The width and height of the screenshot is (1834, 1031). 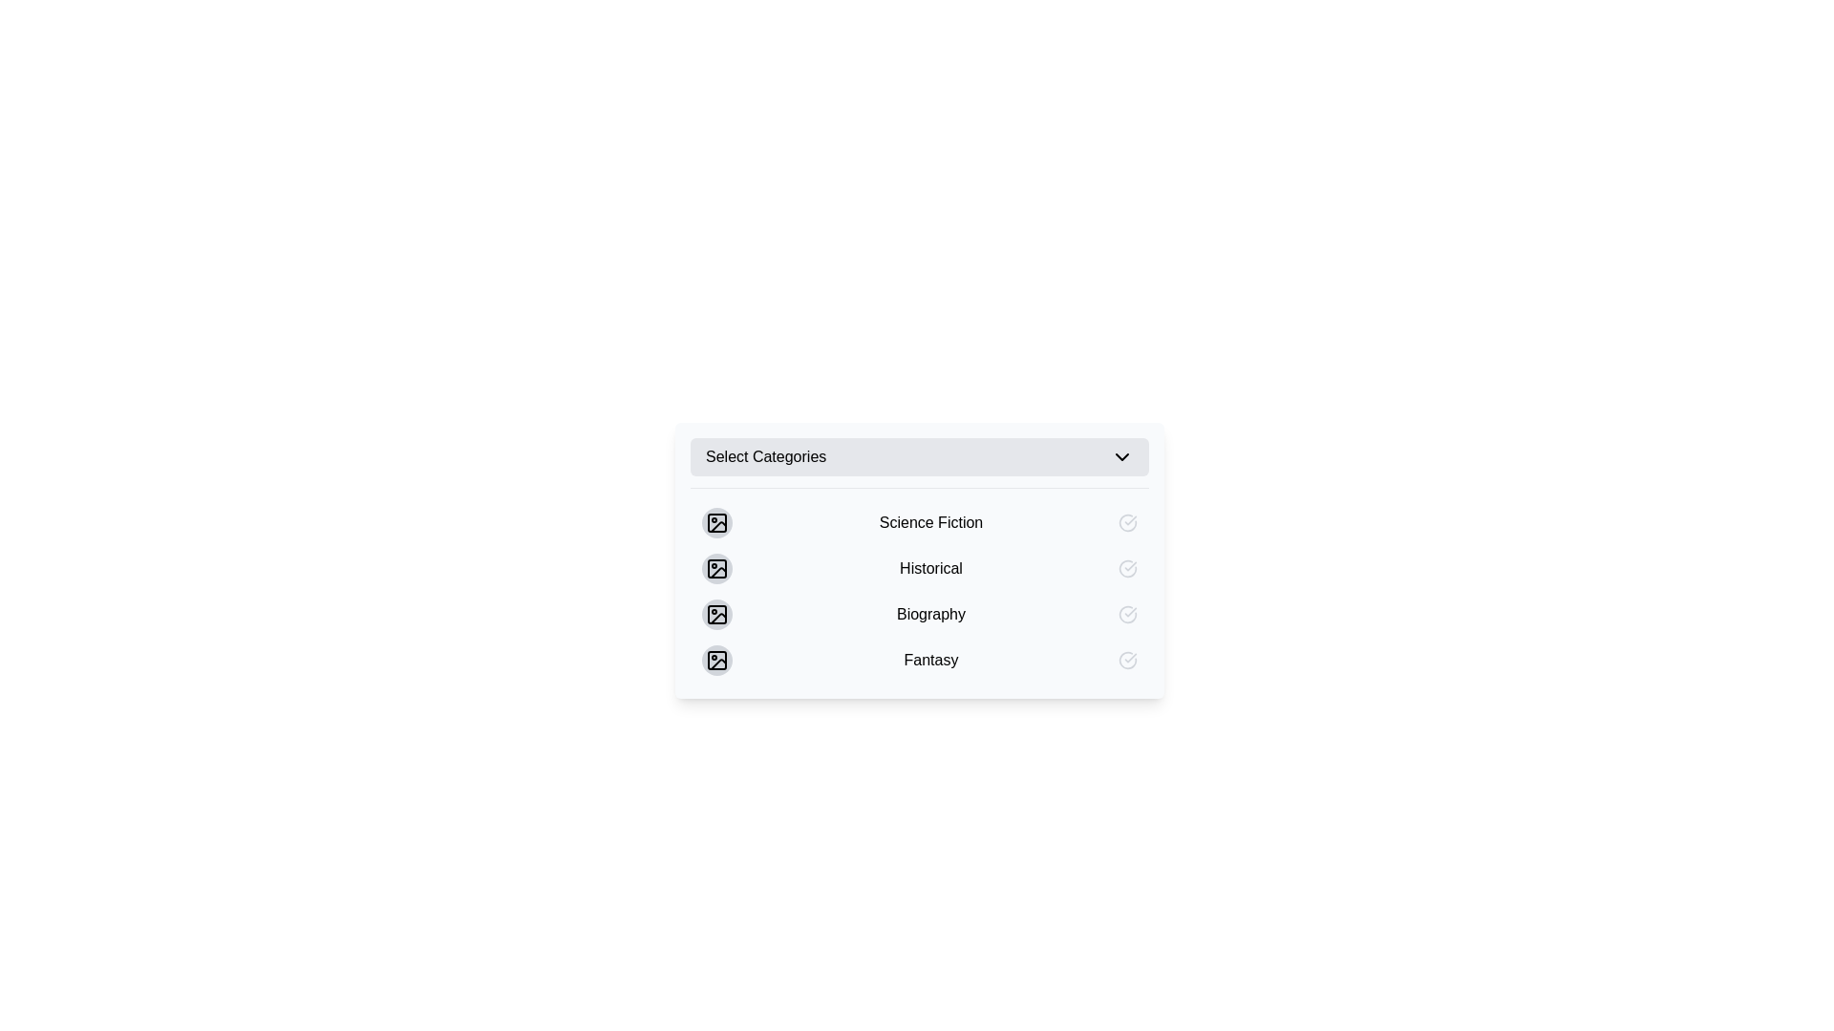 I want to click on the second visual component of the SVG icon representing the 'Biography' option, which is the third item in the vertical list, so click(x=715, y=615).